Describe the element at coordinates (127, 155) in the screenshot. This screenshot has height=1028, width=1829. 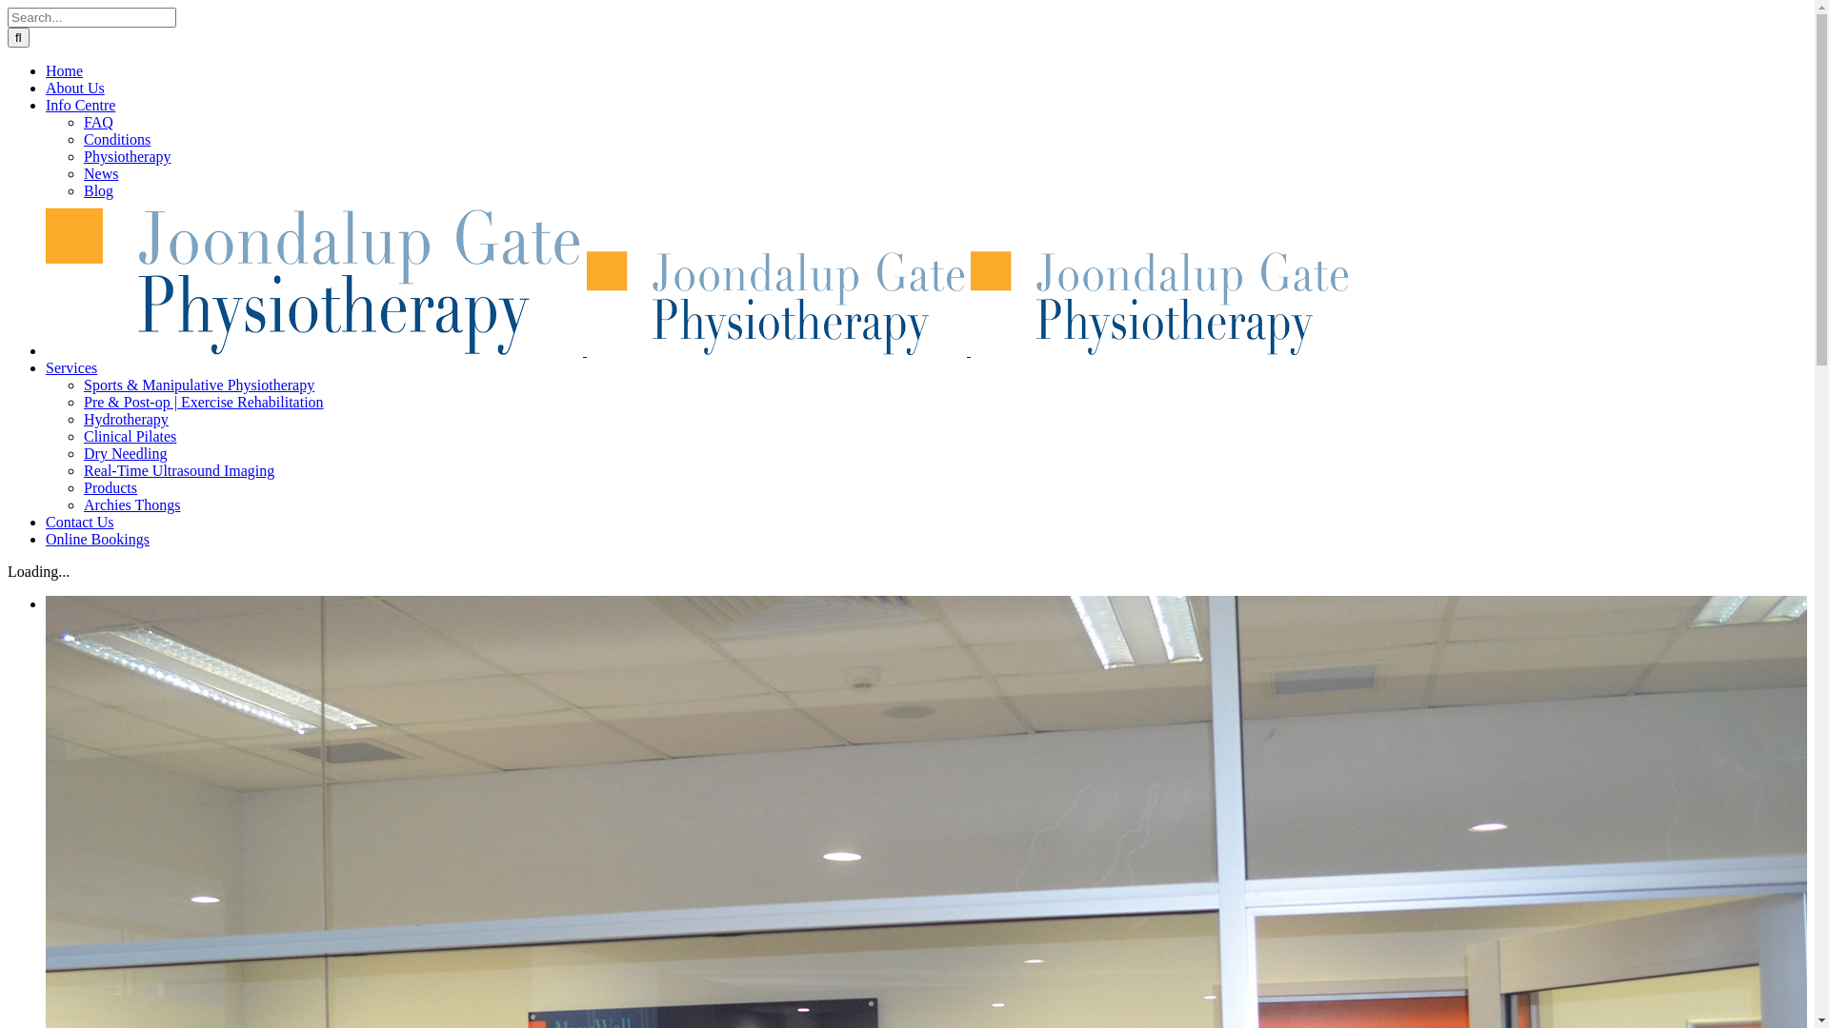
I see `'Physiotherapy'` at that location.